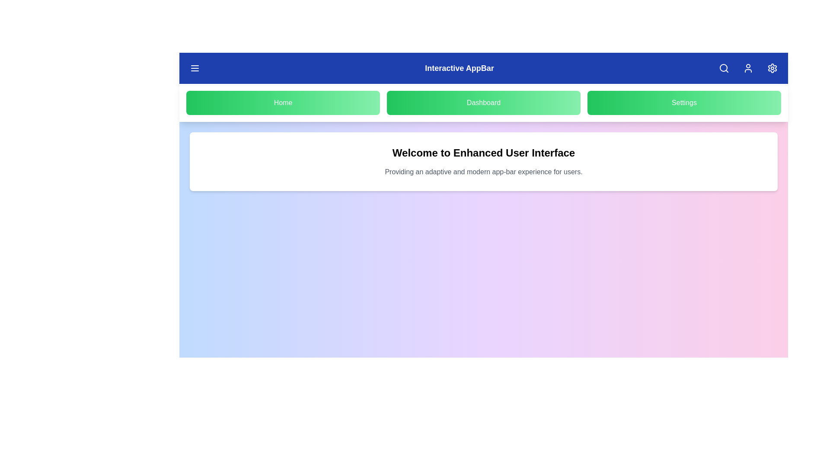  Describe the element at coordinates (483, 162) in the screenshot. I see `the main content area to select the text` at that location.